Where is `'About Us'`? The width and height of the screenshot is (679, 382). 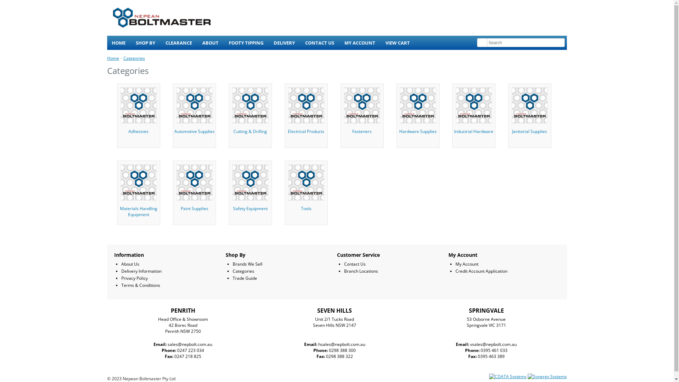 'About Us' is located at coordinates (130, 264).